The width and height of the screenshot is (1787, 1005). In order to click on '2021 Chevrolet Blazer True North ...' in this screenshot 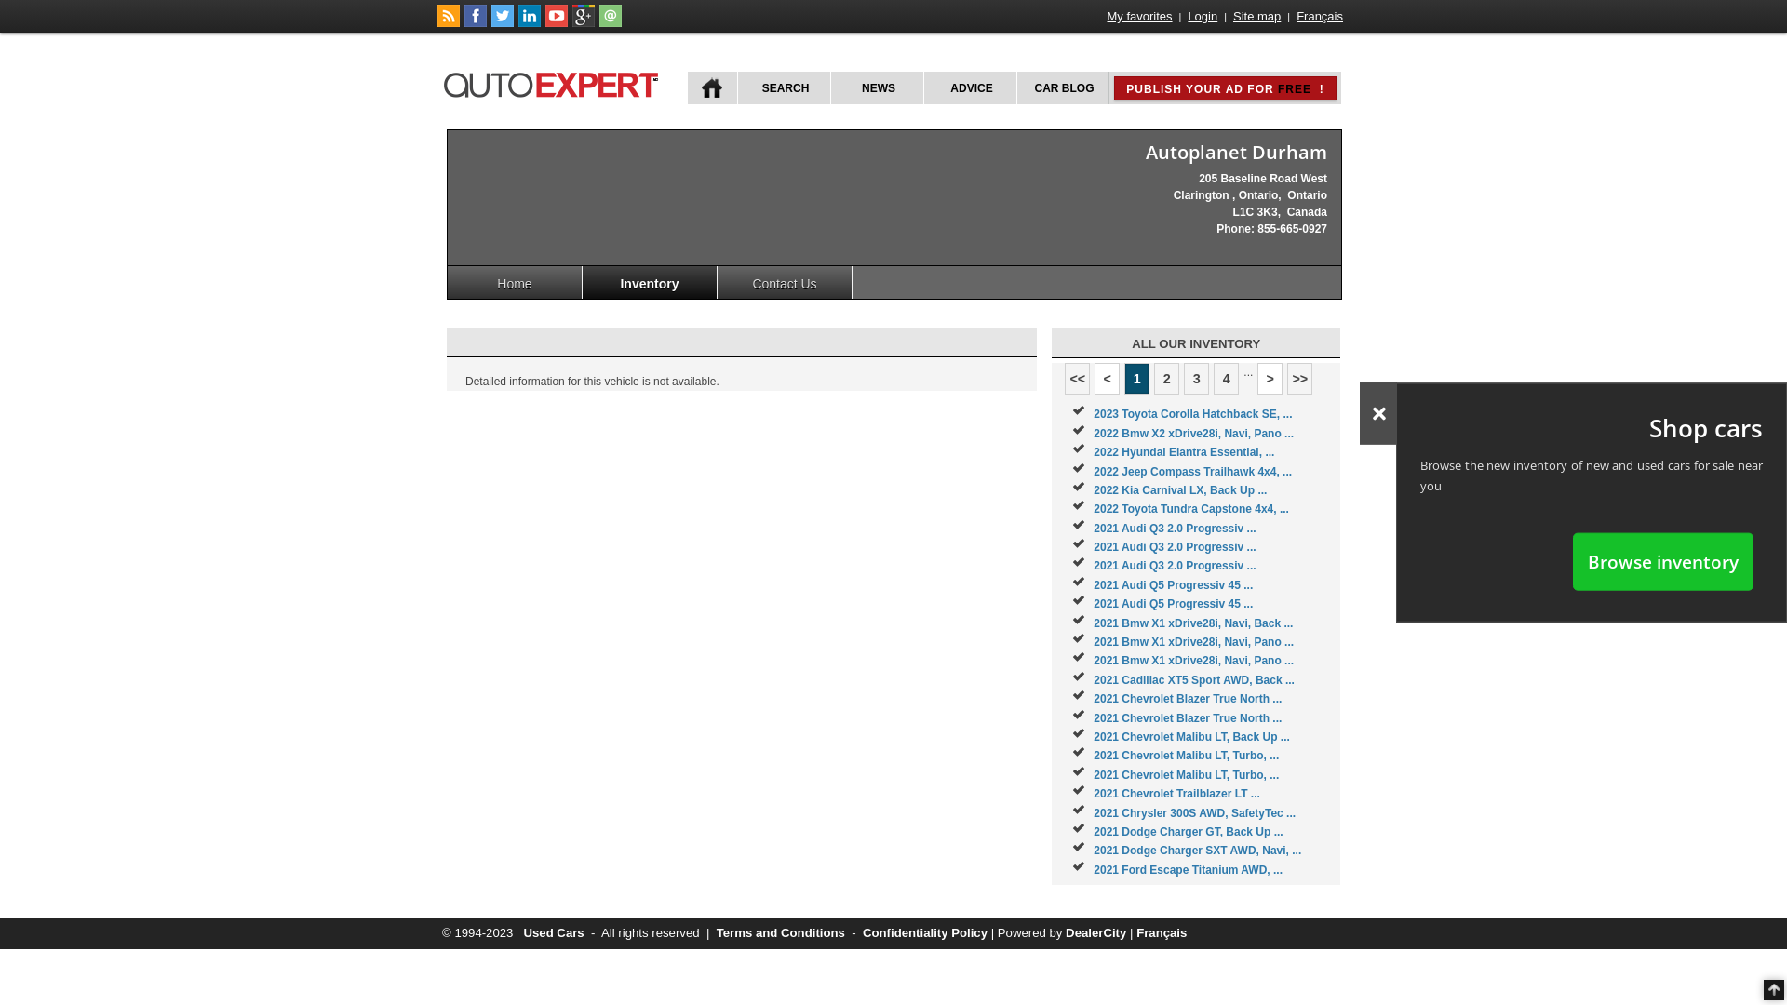, I will do `click(1187, 717)`.